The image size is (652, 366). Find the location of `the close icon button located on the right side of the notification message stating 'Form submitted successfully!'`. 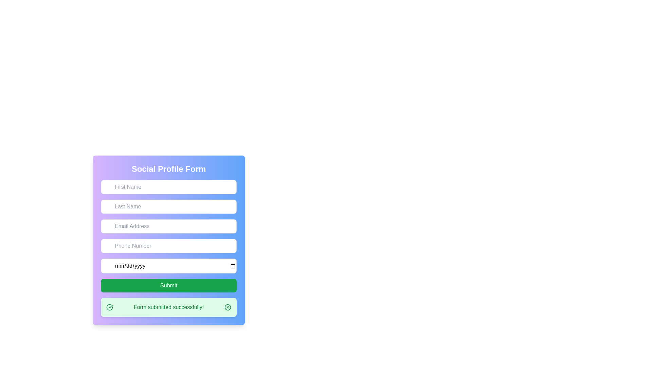

the close icon button located on the right side of the notification message stating 'Form submitted successfully!' is located at coordinates (228, 307).